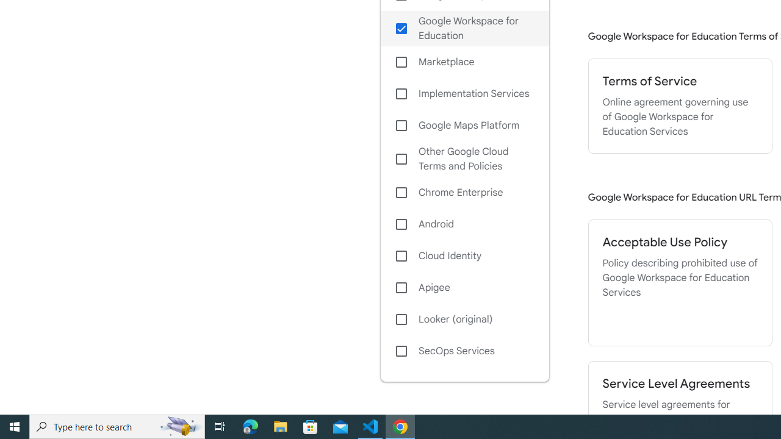  I want to click on 'Marketplace', so click(464, 62).